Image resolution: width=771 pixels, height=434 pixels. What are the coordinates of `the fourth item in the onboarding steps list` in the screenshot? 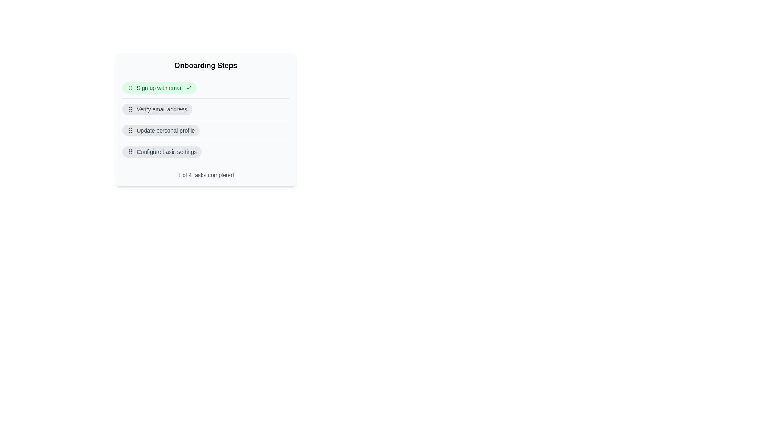 It's located at (206, 151).